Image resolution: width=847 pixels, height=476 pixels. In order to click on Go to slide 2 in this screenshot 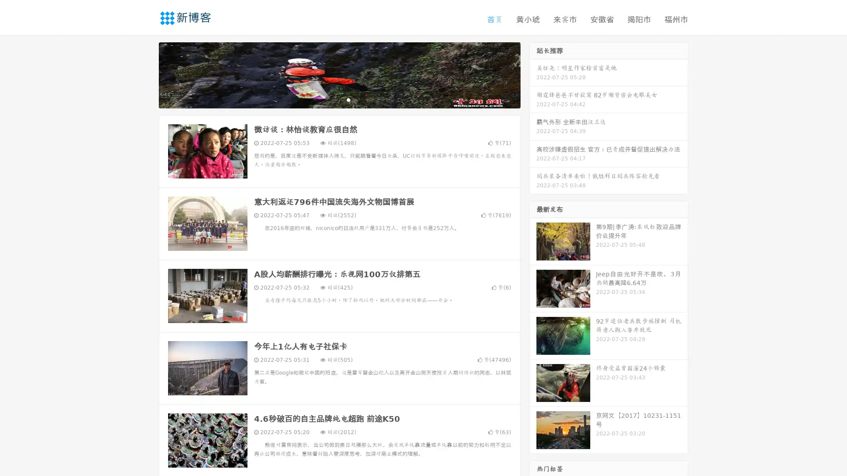, I will do `click(339, 99)`.